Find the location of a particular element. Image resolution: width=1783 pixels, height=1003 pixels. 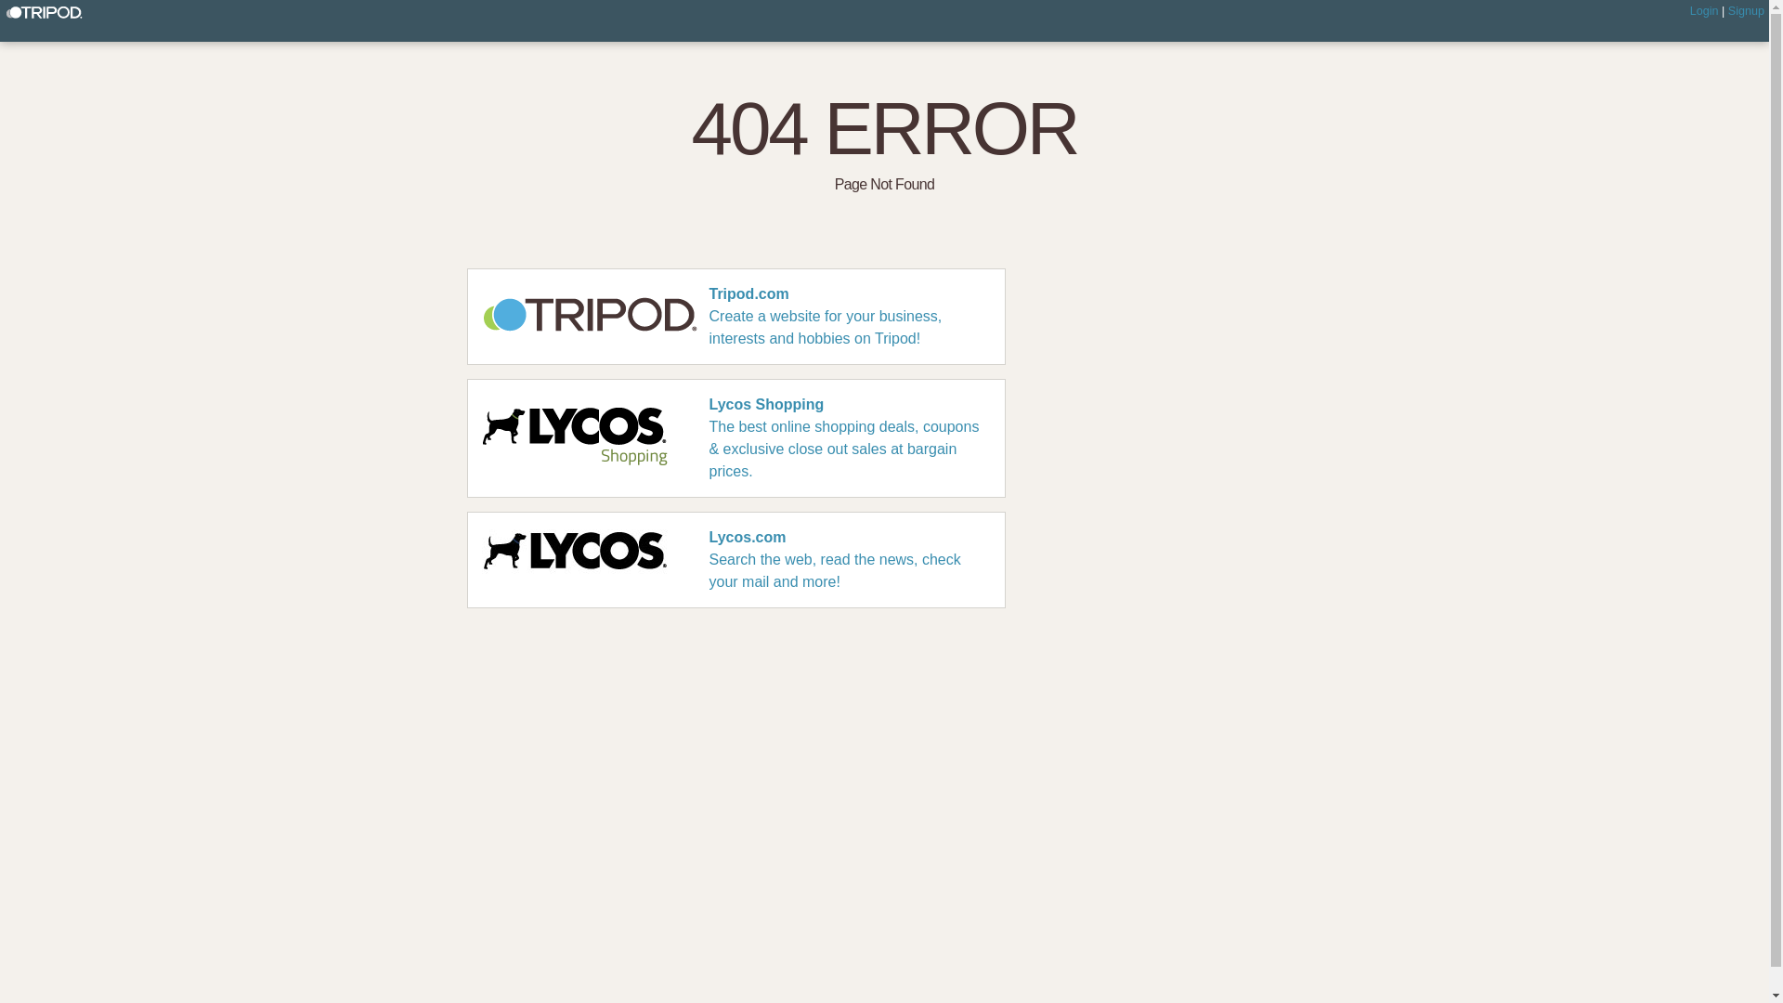

'Signup' is located at coordinates (1745, 10).